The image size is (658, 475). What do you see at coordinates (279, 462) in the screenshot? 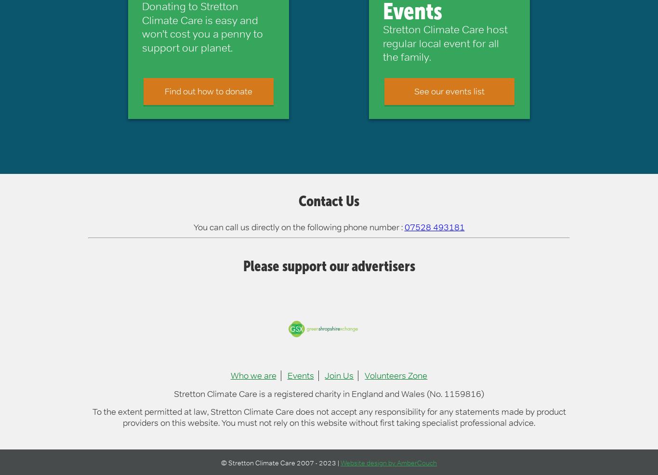
I see `'© Stretton Climate Care 2007 - 2023'` at bounding box center [279, 462].